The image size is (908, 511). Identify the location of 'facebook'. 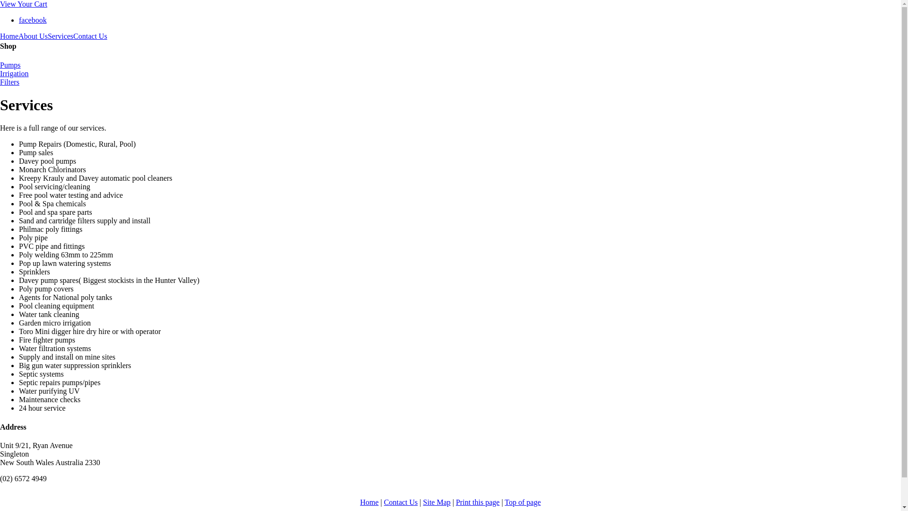
(33, 20).